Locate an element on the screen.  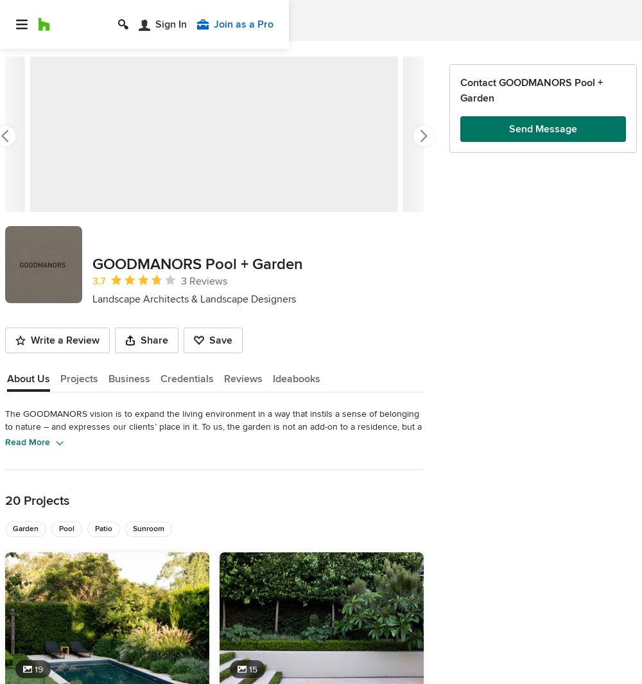
'Garden' is located at coordinates (26, 529).